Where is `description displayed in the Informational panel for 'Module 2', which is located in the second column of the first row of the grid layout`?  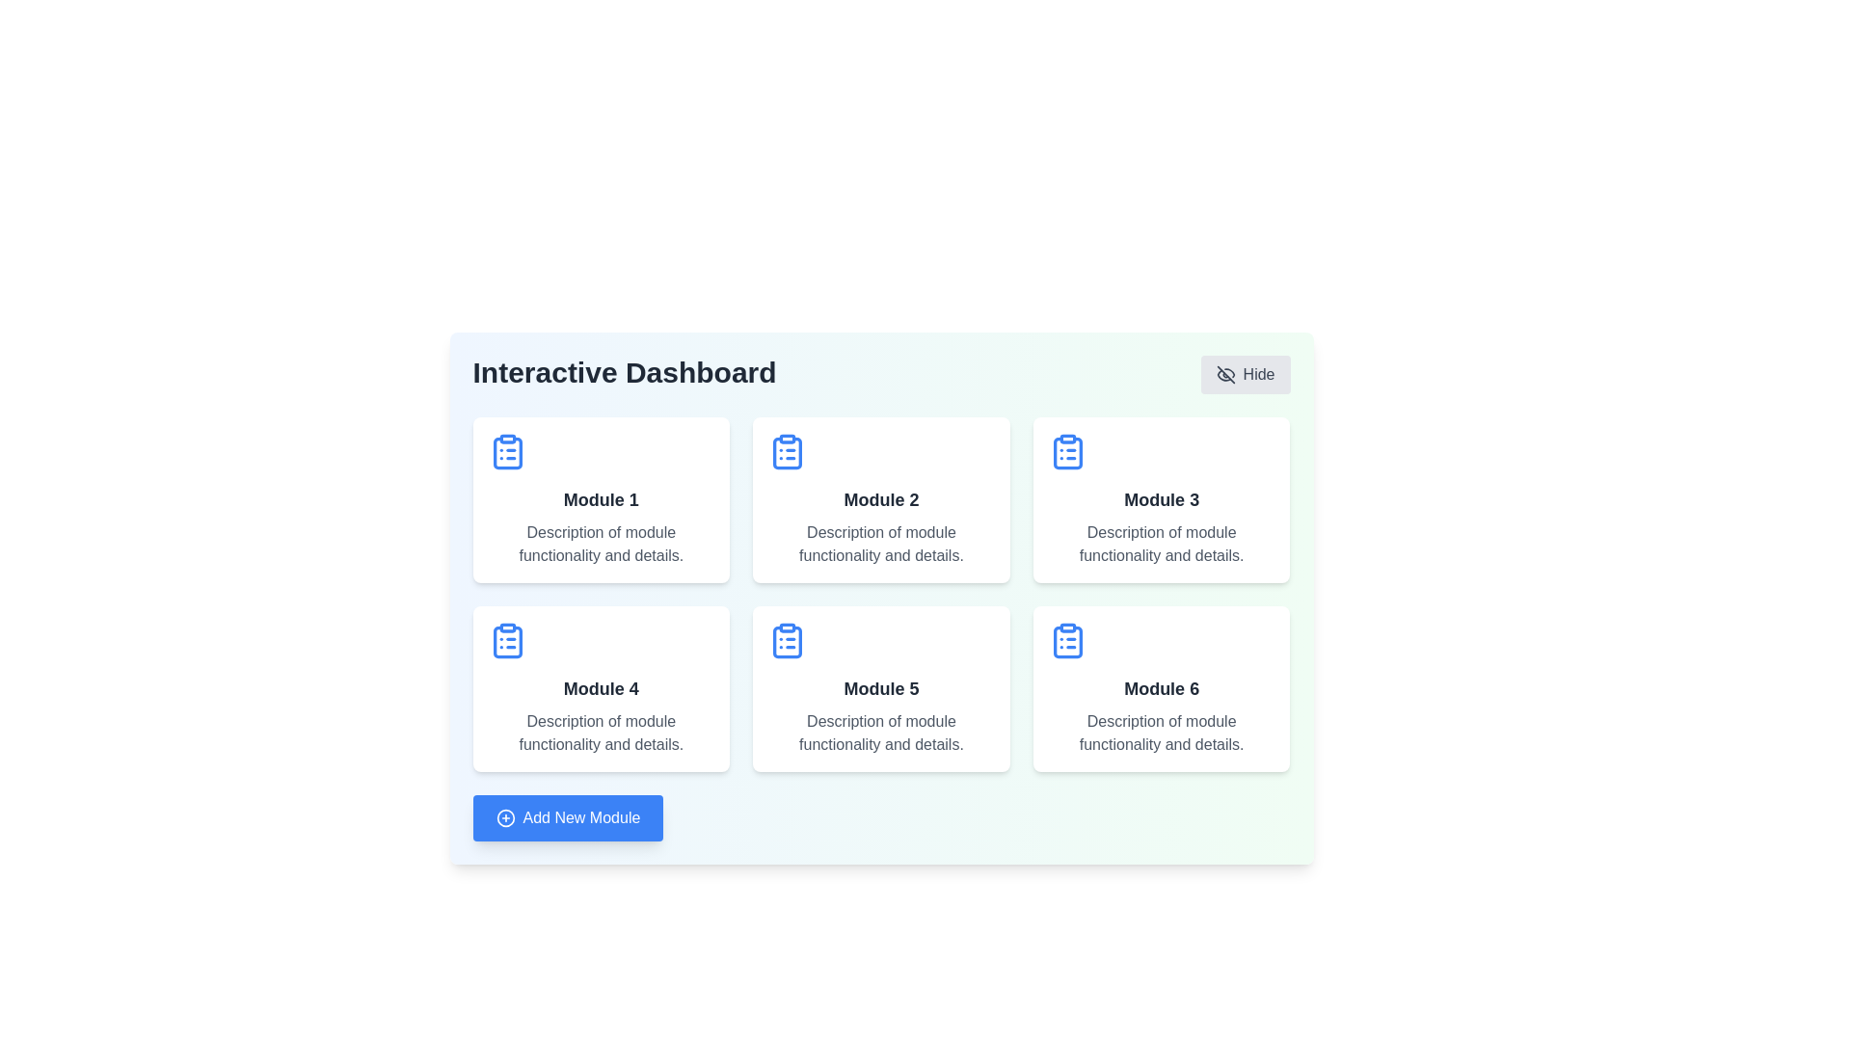 description displayed in the Informational panel for 'Module 2', which is located in the second column of the first row of the grid layout is located at coordinates (880, 499).